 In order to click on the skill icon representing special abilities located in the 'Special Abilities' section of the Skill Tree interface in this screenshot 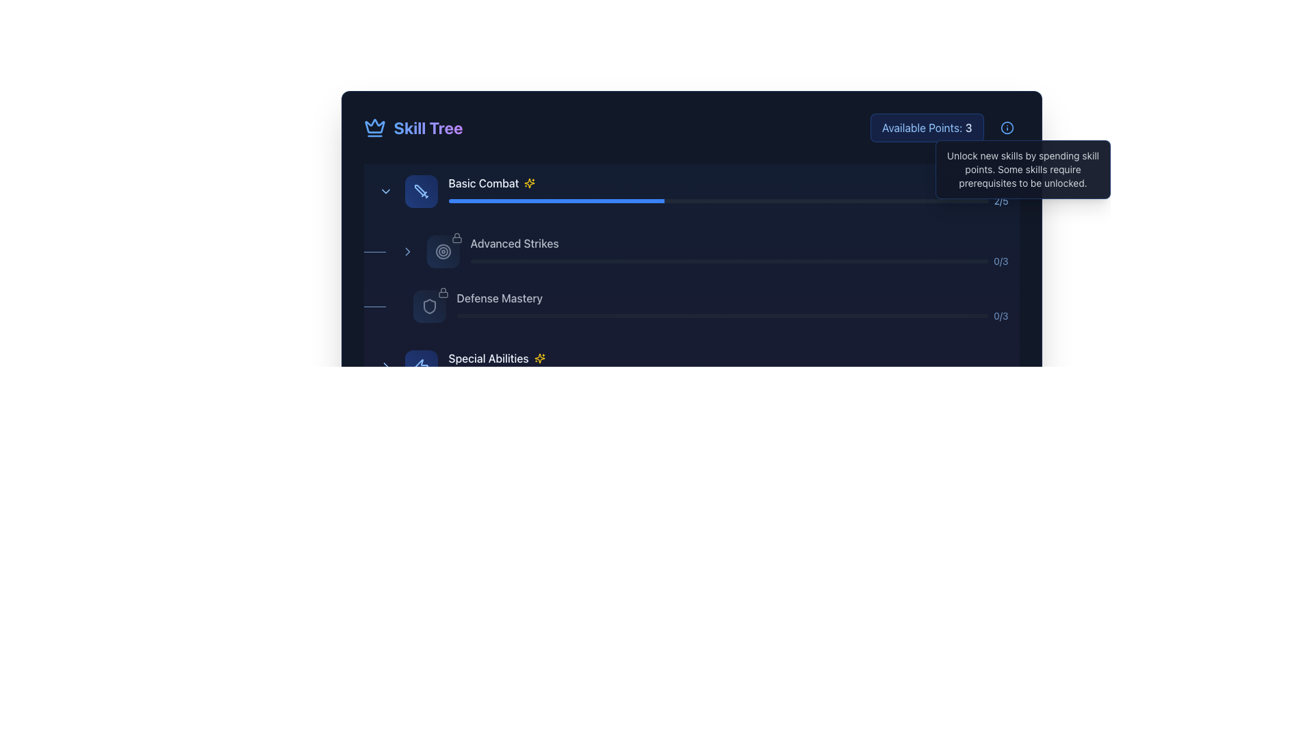, I will do `click(420, 366)`.